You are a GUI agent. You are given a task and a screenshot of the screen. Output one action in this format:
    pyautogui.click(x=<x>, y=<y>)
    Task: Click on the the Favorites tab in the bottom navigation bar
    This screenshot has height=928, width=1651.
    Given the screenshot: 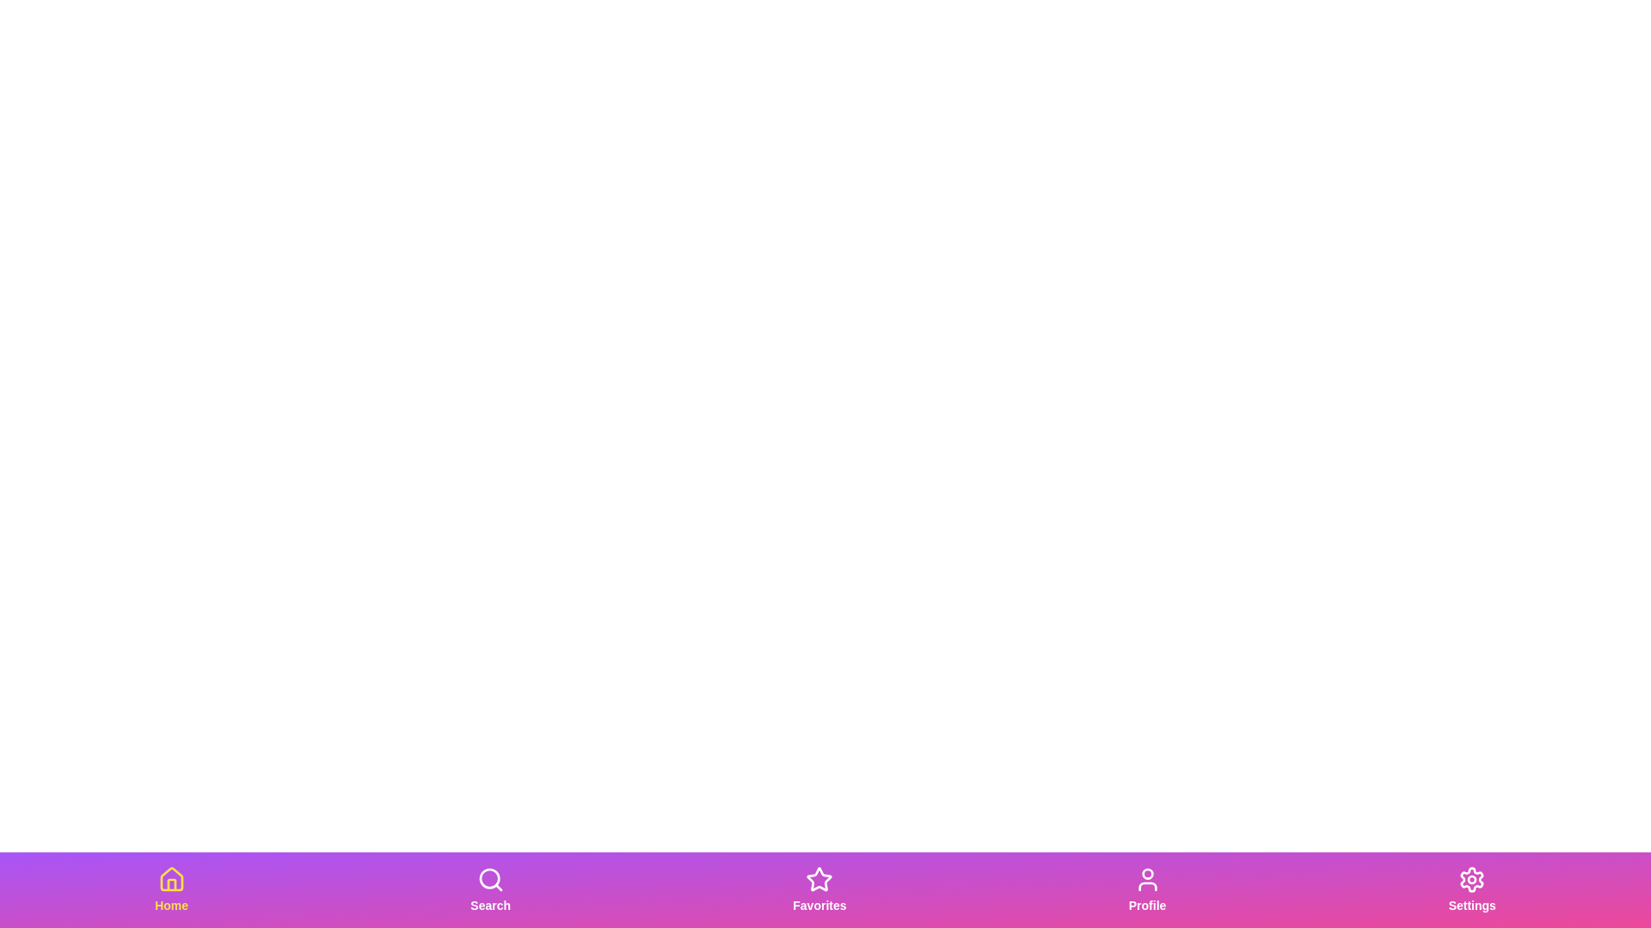 What is the action you would take?
    pyautogui.click(x=819, y=889)
    